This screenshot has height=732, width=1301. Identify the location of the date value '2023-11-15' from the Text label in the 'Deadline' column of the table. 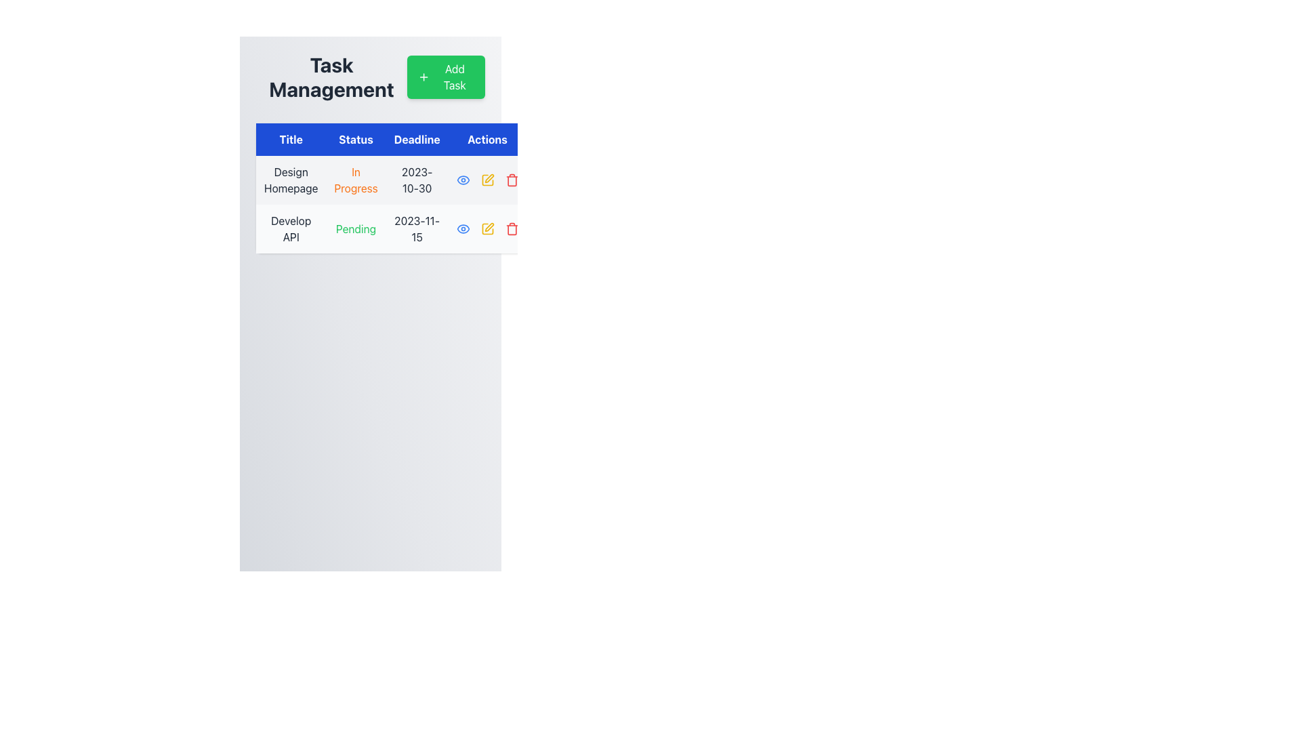
(416, 228).